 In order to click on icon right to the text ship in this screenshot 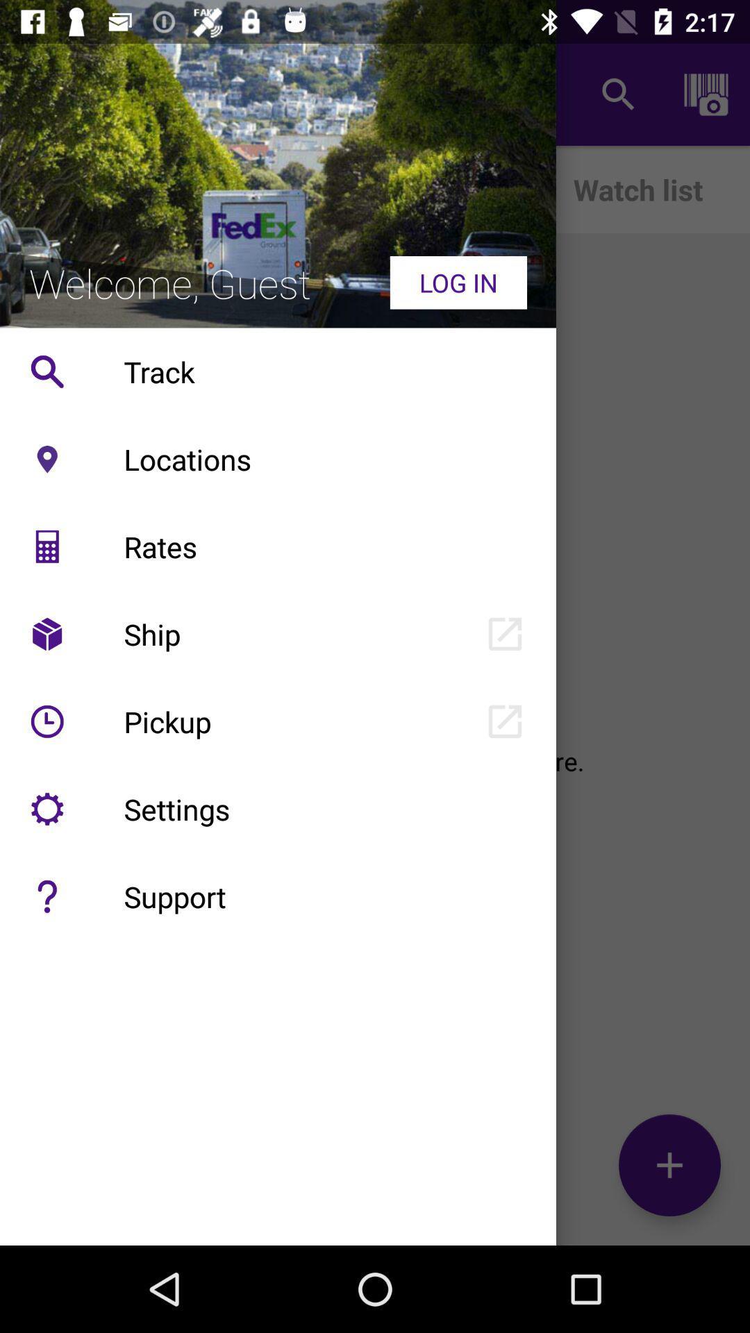, I will do `click(505, 633)`.